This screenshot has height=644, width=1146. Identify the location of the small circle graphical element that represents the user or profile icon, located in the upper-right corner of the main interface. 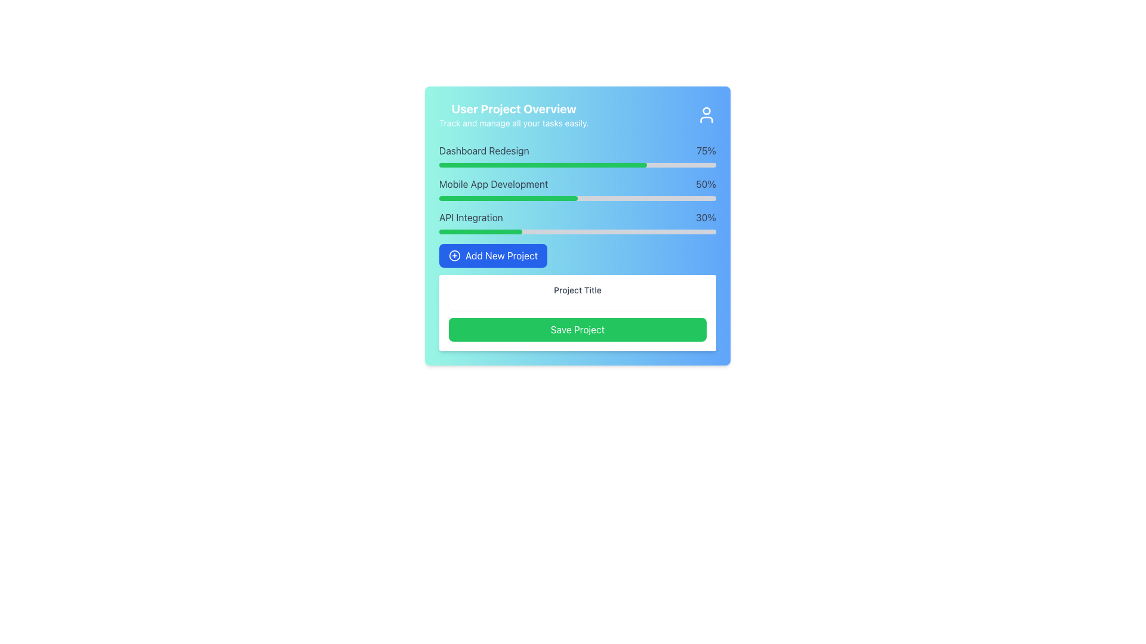
(707, 110).